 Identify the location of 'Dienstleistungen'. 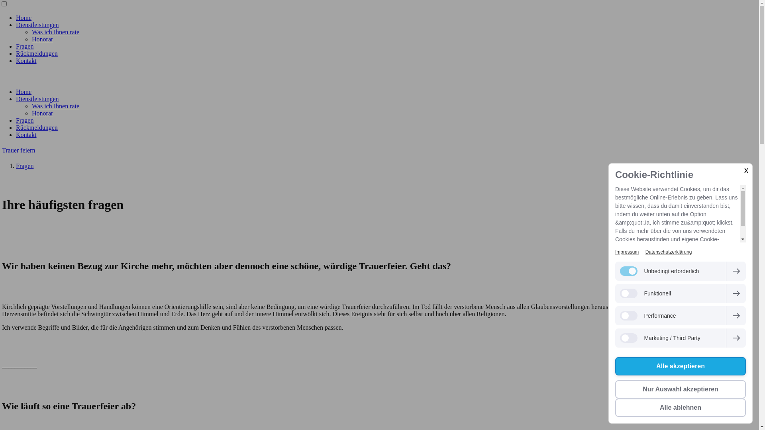
(37, 24).